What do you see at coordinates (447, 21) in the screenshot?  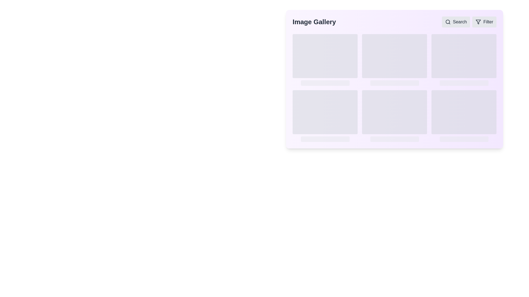 I see `the circular component of the magnifying glass icon, which is styled as part of an SVG graphic and positioned near the page's header, adjacent to the 'Search' button text` at bounding box center [447, 21].